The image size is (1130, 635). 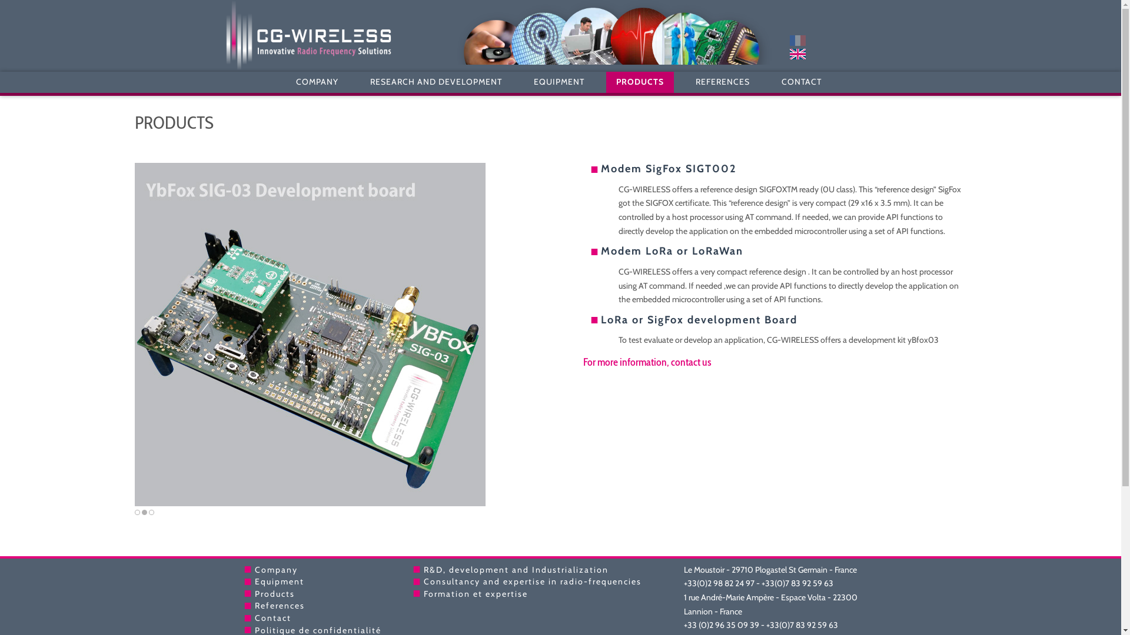 I want to click on 'English (en)', so click(x=774, y=54).